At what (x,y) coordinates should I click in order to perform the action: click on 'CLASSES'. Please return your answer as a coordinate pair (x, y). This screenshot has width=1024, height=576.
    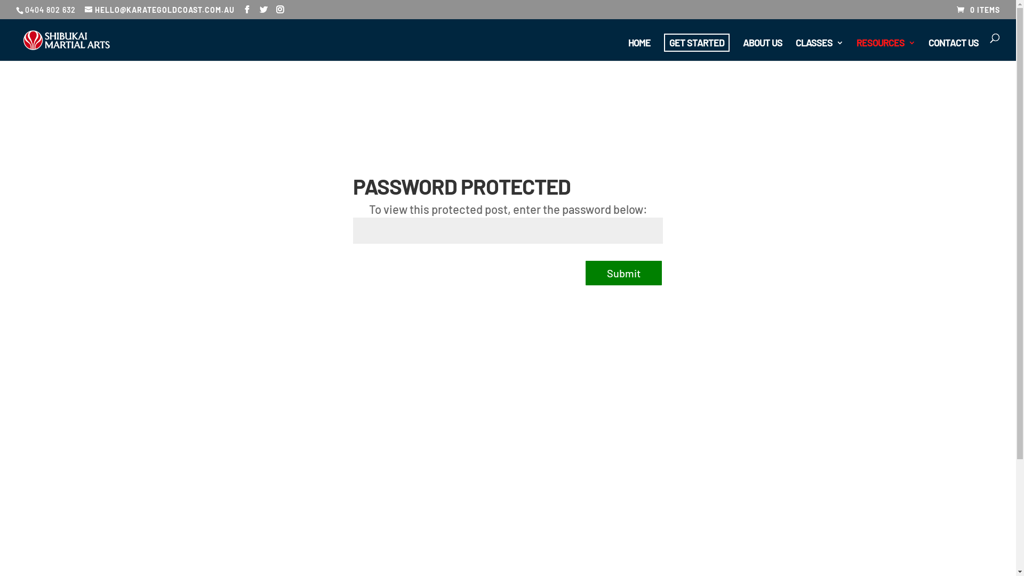
    Looking at the image, I should click on (819, 50).